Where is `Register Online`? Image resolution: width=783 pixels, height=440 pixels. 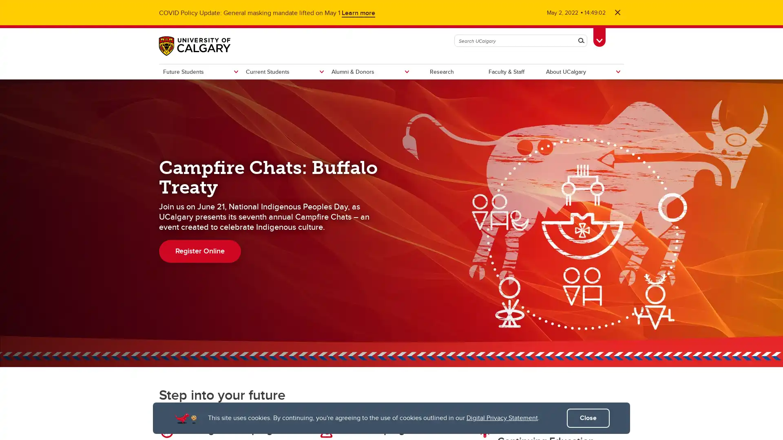 Register Online is located at coordinates (200, 251).